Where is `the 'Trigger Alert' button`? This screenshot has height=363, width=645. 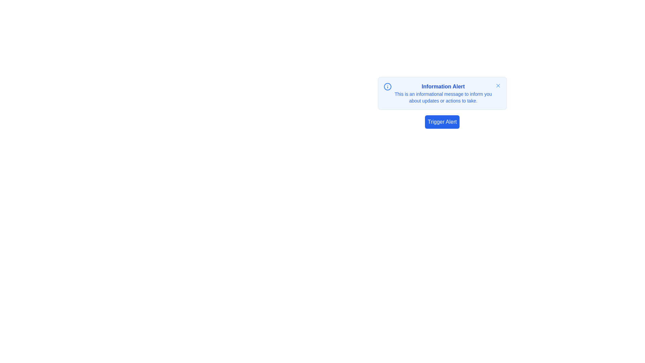 the 'Trigger Alert' button is located at coordinates (442, 122).